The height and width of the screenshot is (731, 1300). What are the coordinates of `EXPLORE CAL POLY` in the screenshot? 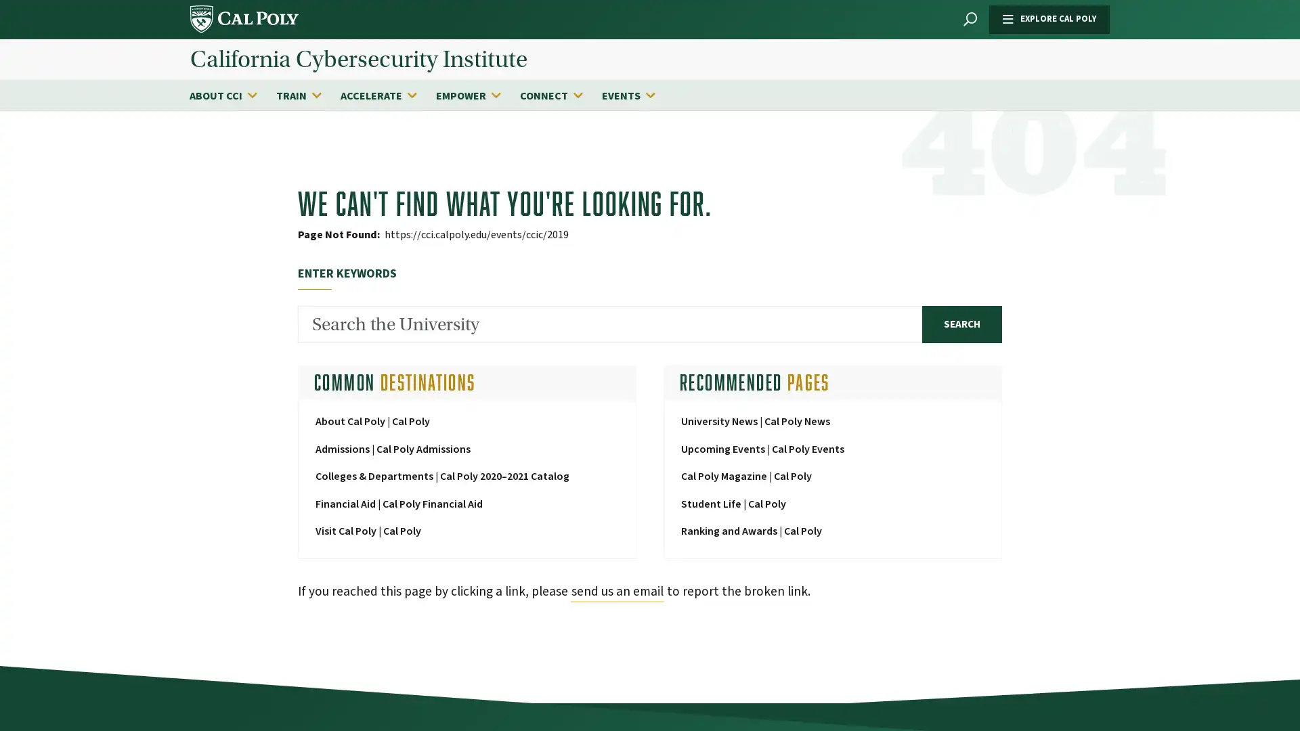 It's located at (1049, 19).